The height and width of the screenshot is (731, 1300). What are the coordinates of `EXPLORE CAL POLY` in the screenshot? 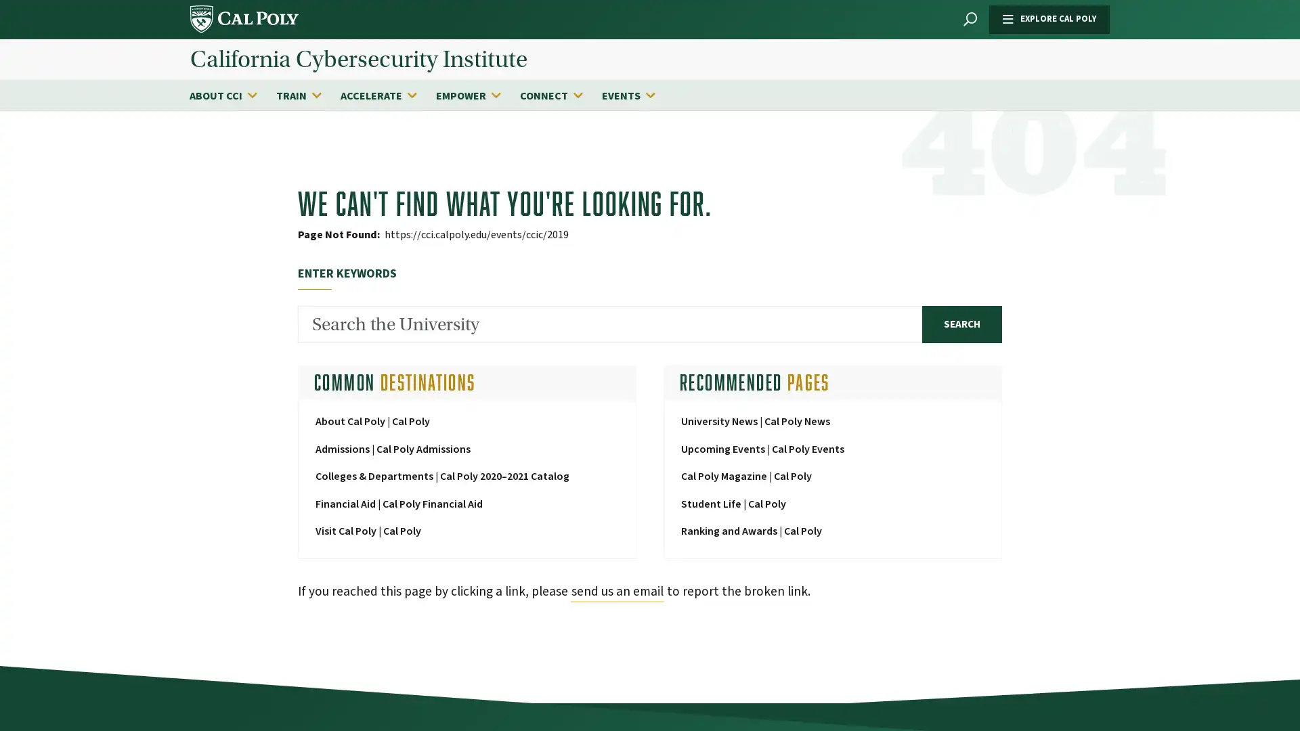 It's located at (1049, 19).